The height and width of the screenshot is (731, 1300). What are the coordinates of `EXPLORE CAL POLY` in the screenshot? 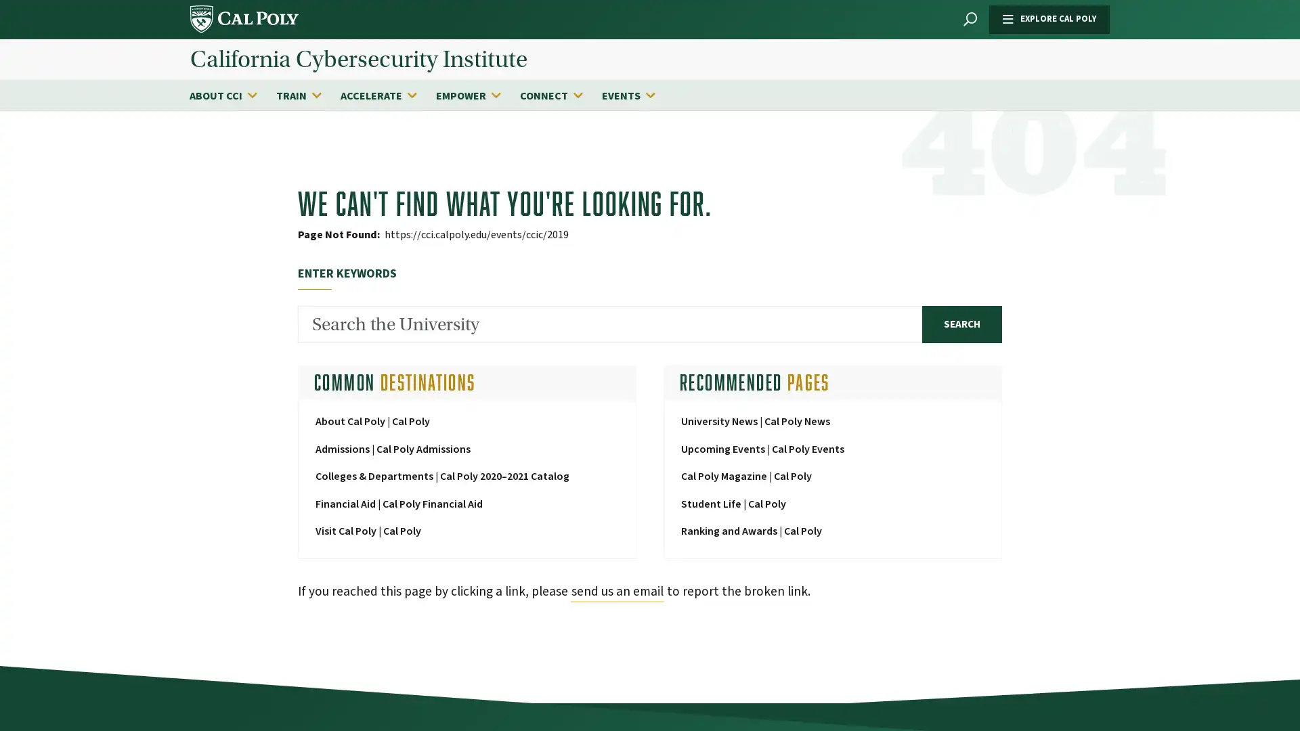 It's located at (1049, 19).